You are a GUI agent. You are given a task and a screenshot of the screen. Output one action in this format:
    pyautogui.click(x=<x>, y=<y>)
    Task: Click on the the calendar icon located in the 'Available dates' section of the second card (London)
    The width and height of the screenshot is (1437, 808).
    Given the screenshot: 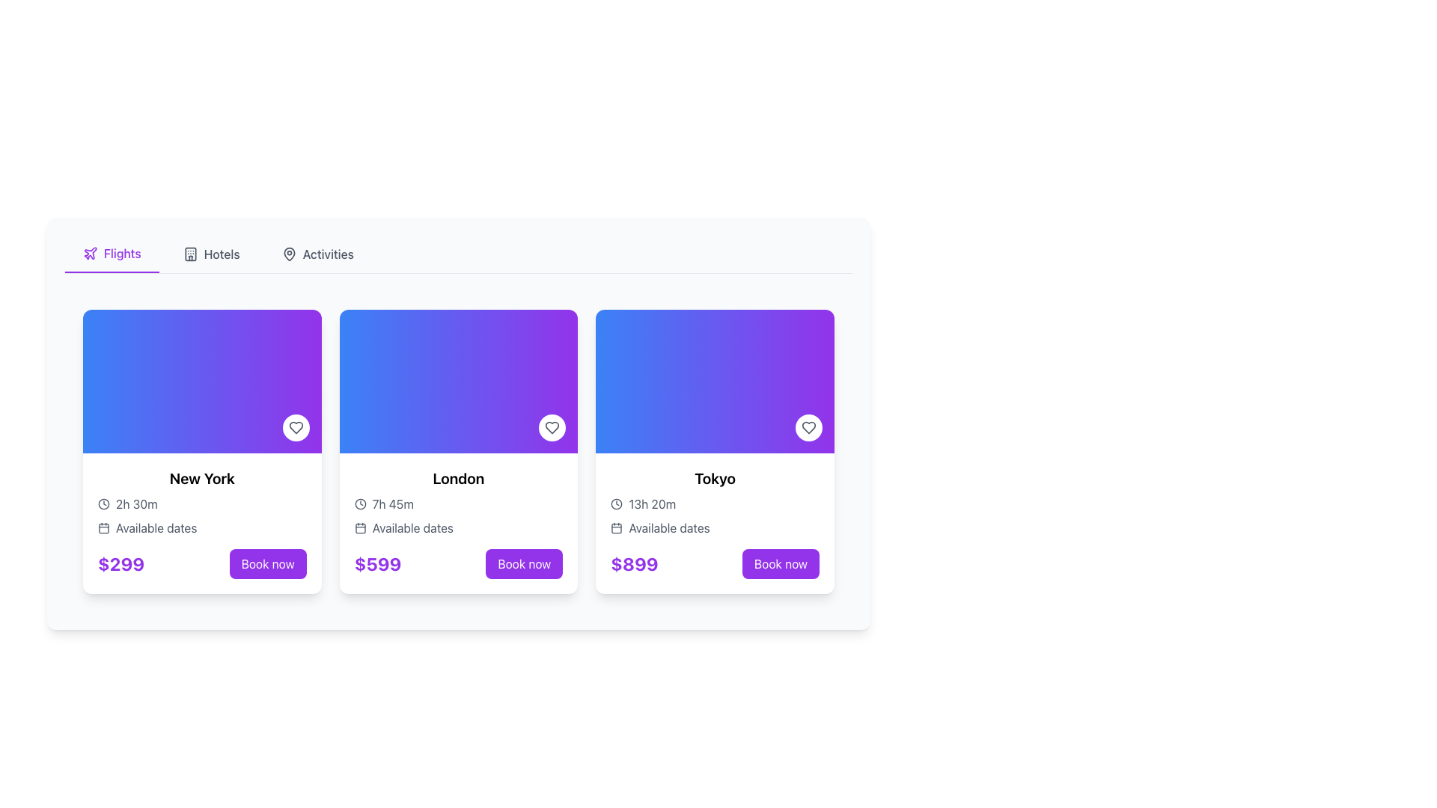 What is the action you would take?
    pyautogui.click(x=360, y=527)
    